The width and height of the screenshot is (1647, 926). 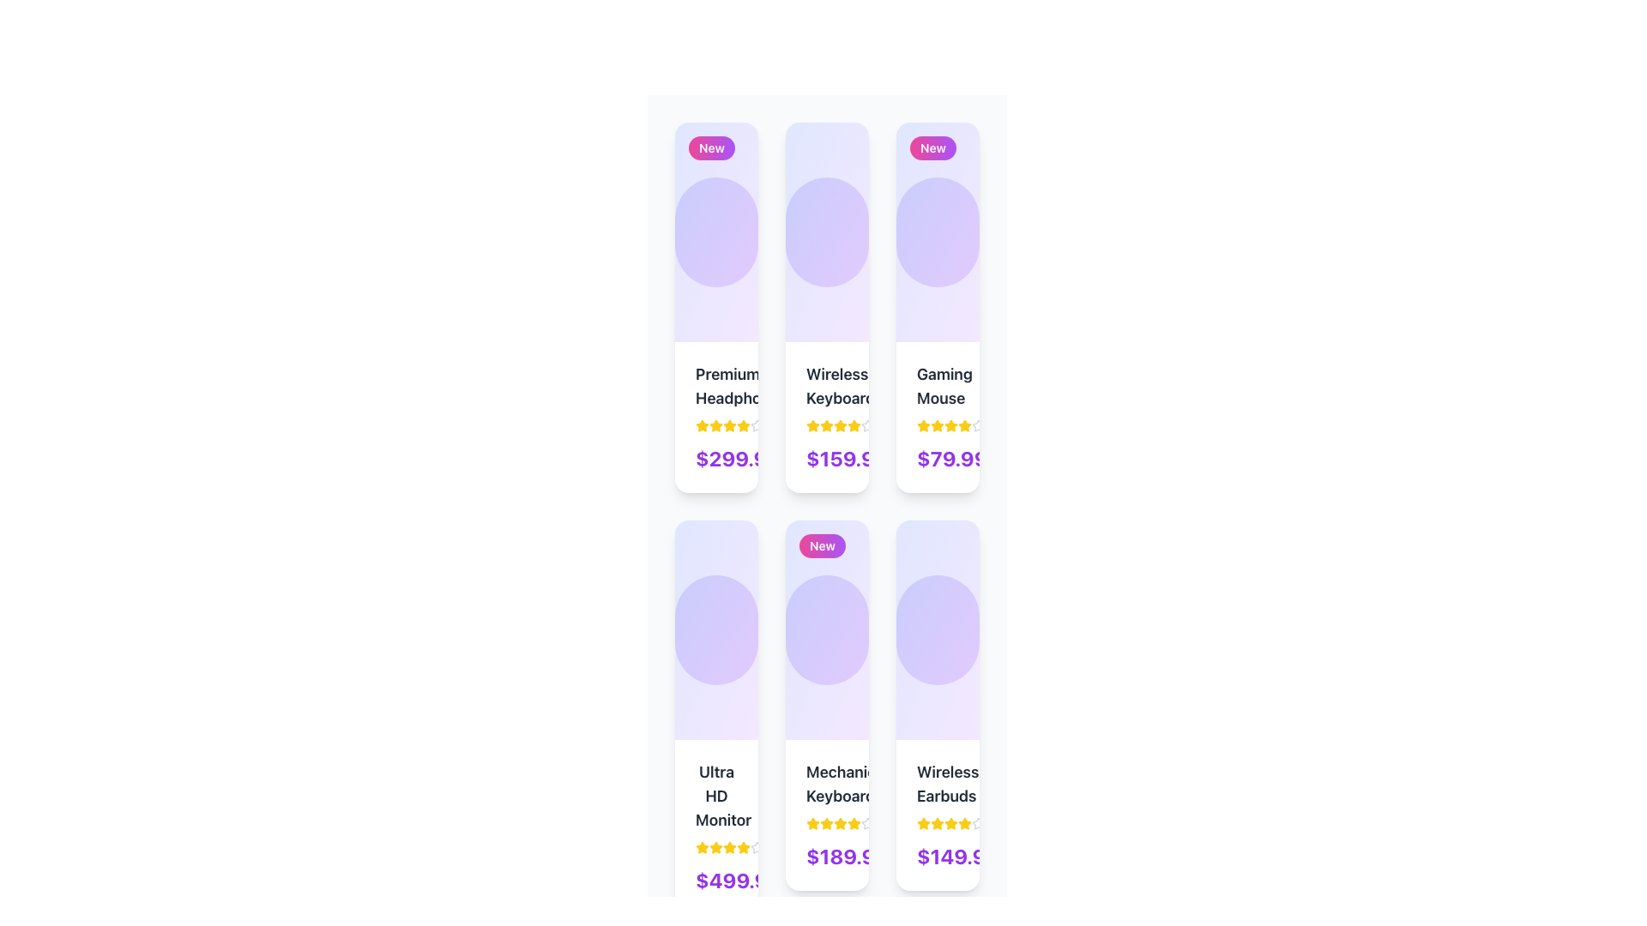 What do you see at coordinates (775, 231) in the screenshot?
I see `the second circular button from the left, which likely toggles the visibility of the 'Wireless Keyboard' product` at bounding box center [775, 231].